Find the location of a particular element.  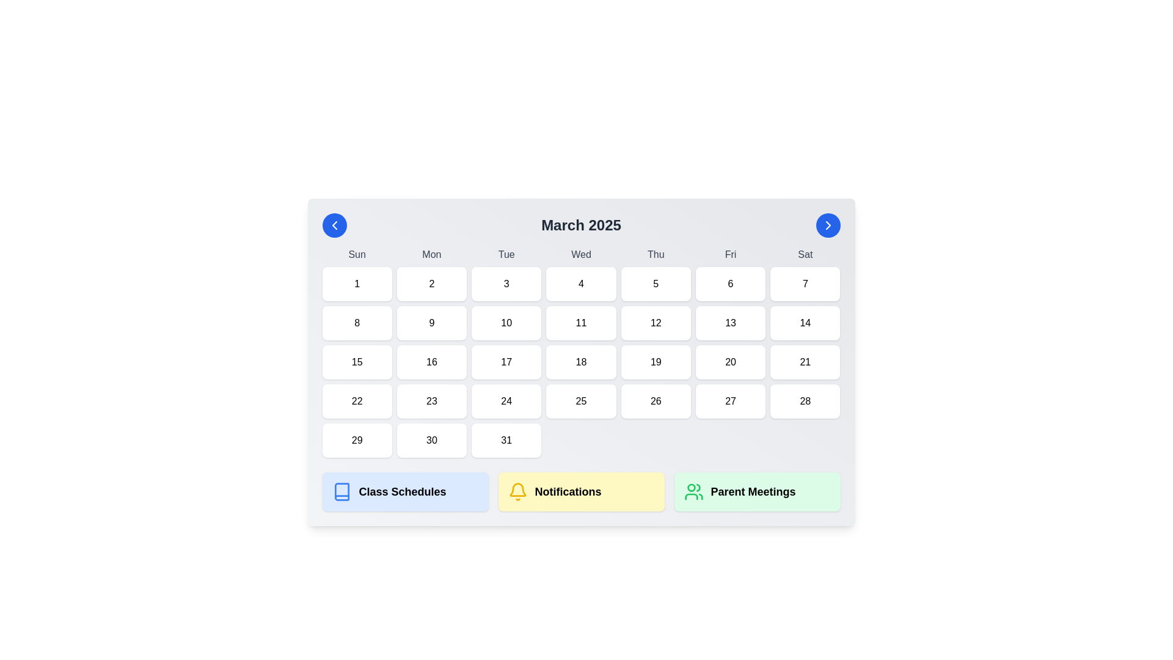

the text label displaying 'Thu', which is the fifth item in a row of day names in the calendar layout located beneath the header 'March 2025' is located at coordinates (655, 254).